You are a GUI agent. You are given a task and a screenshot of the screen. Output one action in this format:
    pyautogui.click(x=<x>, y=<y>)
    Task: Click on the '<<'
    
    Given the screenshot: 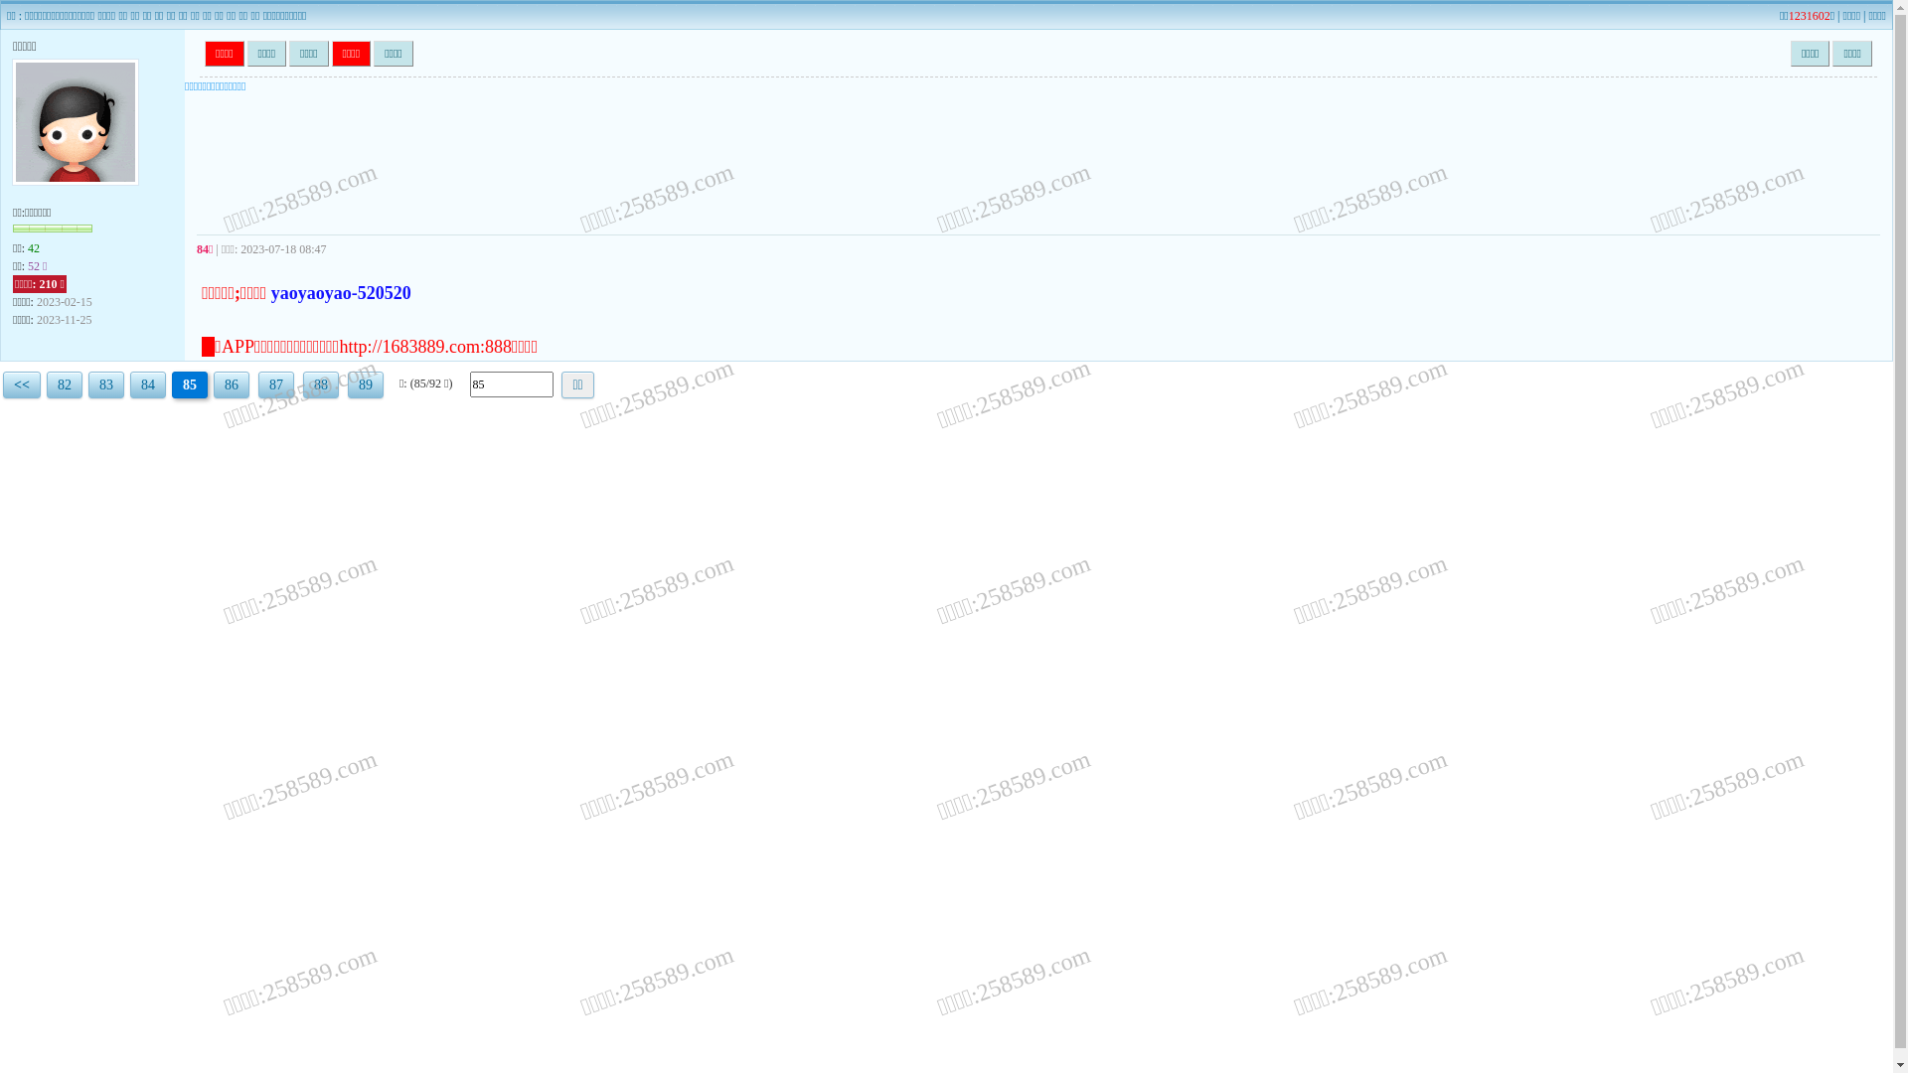 What is the action you would take?
    pyautogui.click(x=22, y=384)
    